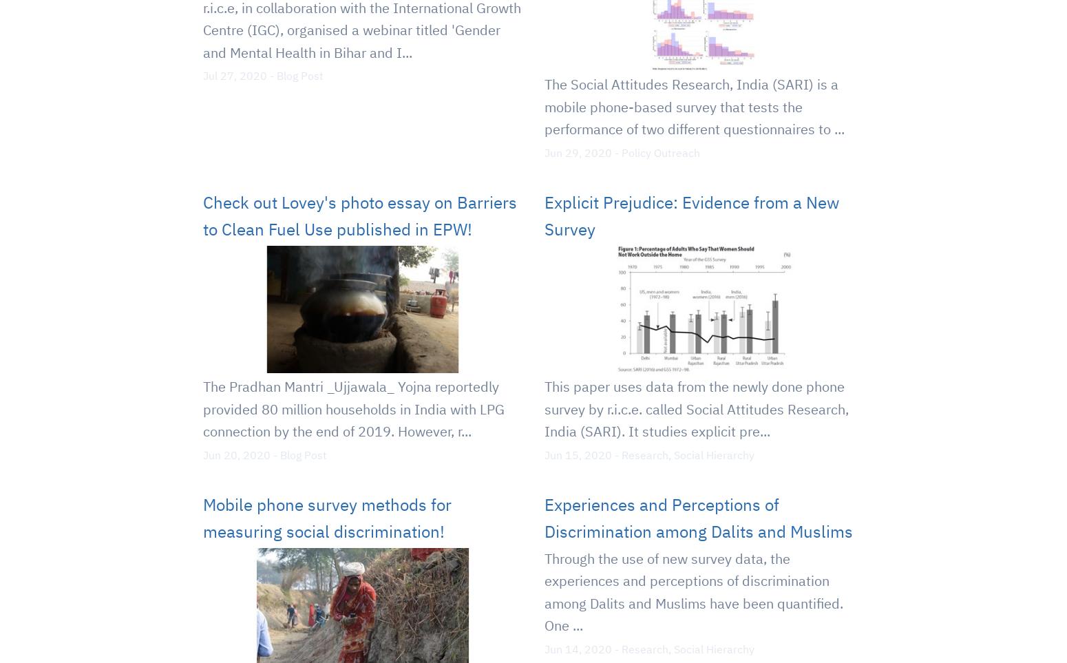 The width and height of the screenshot is (1067, 663). I want to click on 'Jun 15, 2020', so click(577, 454).